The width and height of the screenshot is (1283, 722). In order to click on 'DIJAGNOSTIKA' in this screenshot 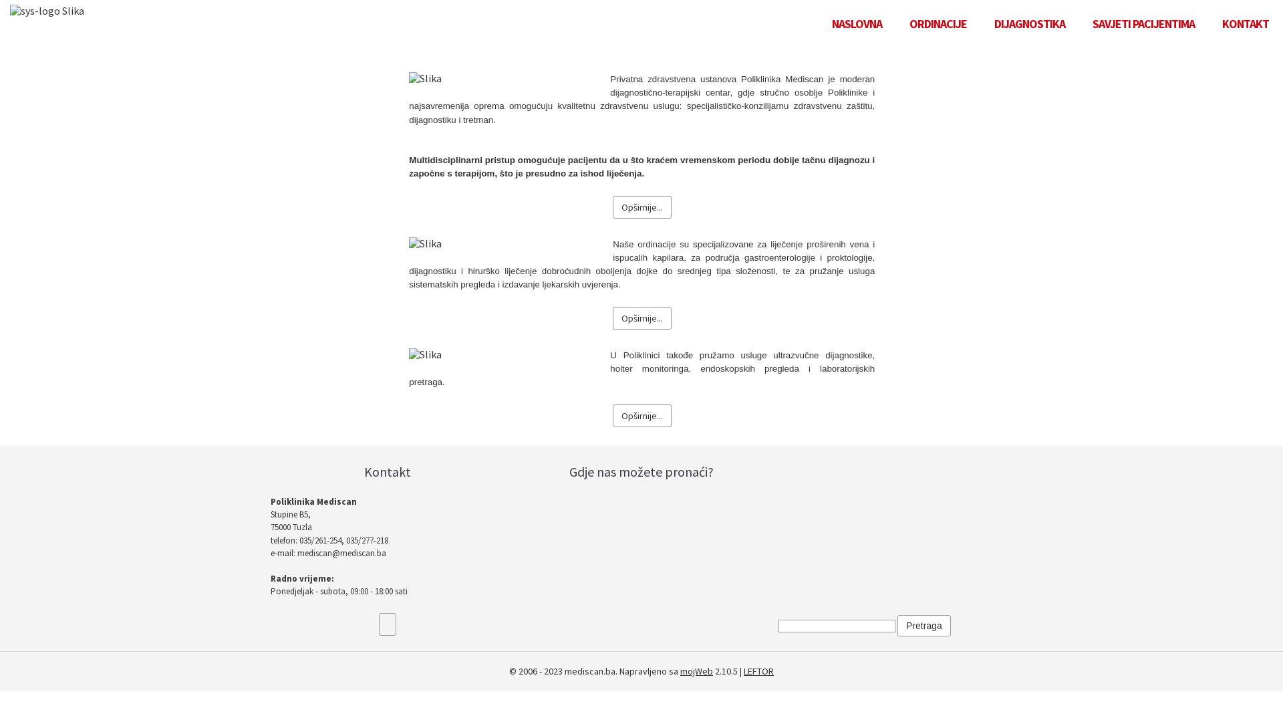, I will do `click(1028, 23)`.